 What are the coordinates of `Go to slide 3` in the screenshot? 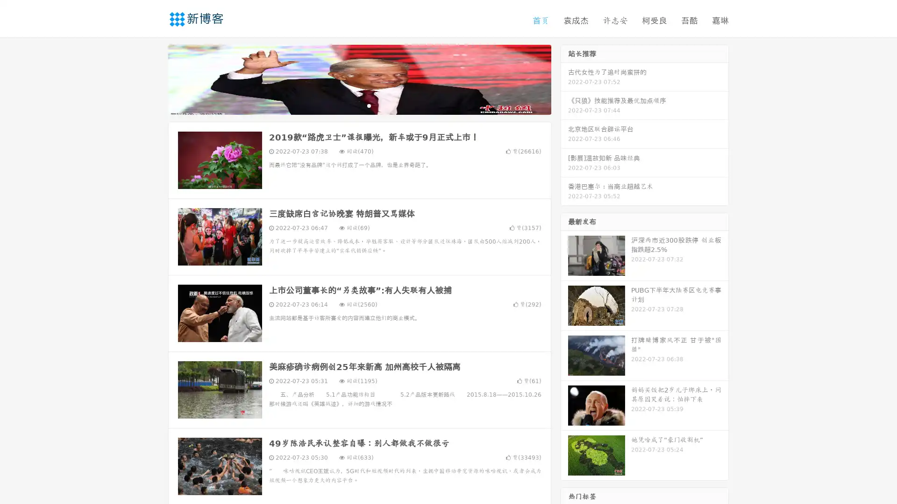 It's located at (369, 105).